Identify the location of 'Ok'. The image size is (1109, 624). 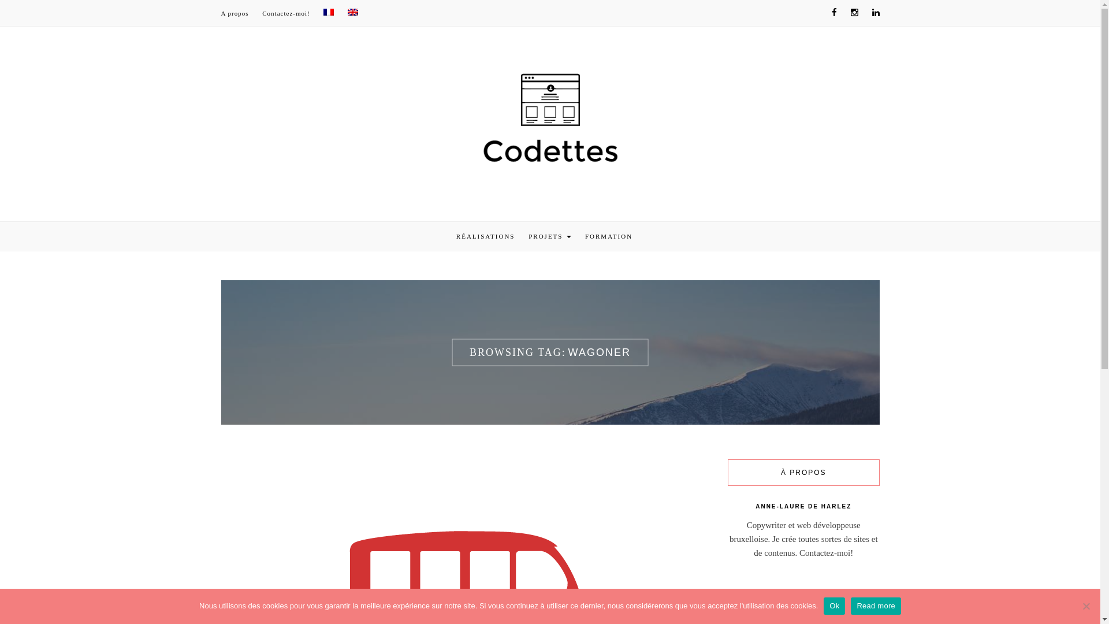
(834, 606).